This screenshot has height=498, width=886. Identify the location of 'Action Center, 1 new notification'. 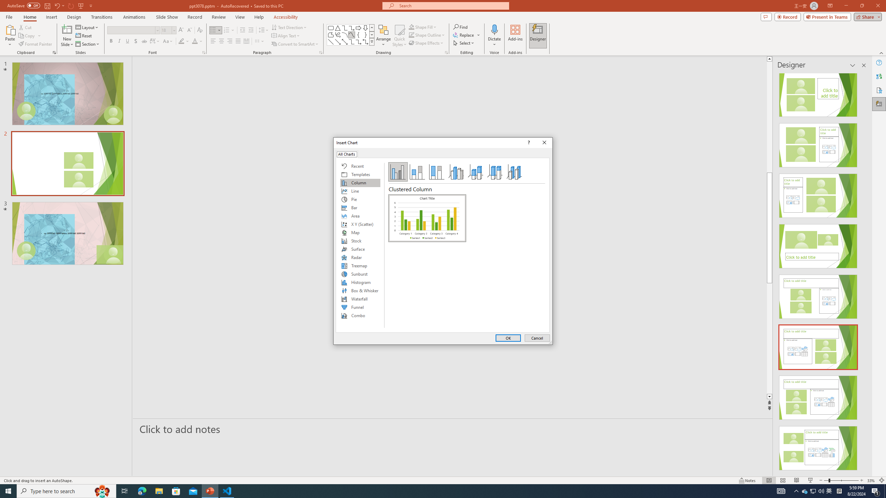
(876, 490).